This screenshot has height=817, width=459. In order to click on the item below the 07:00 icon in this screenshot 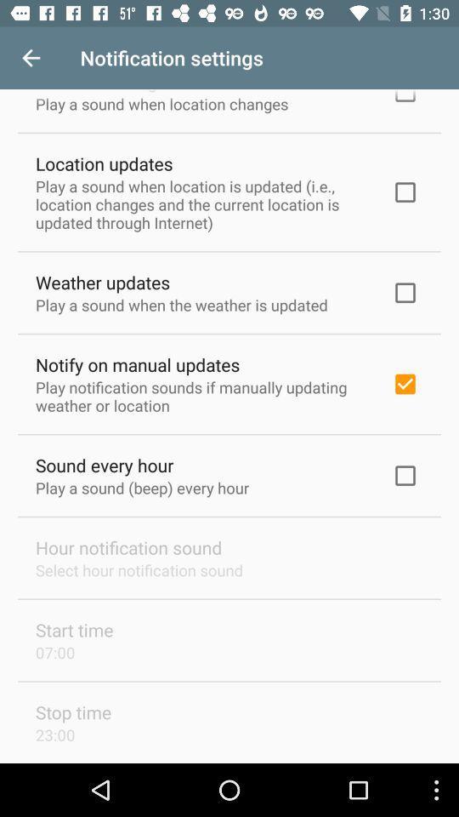, I will do `click(72, 712)`.